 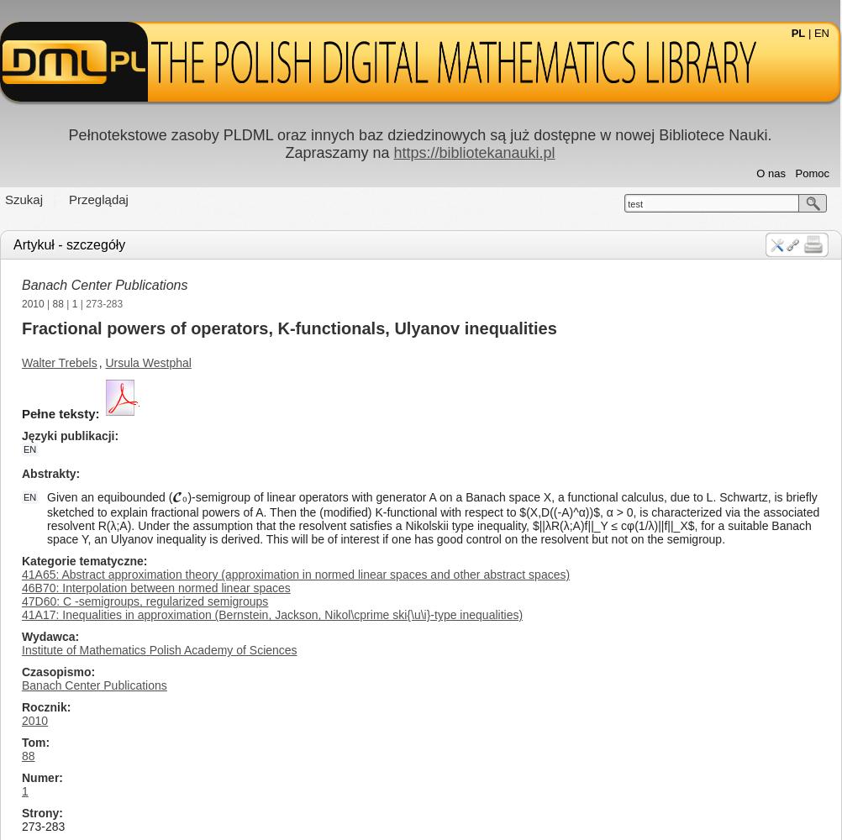 I want to click on 'PL', so click(x=797, y=33).